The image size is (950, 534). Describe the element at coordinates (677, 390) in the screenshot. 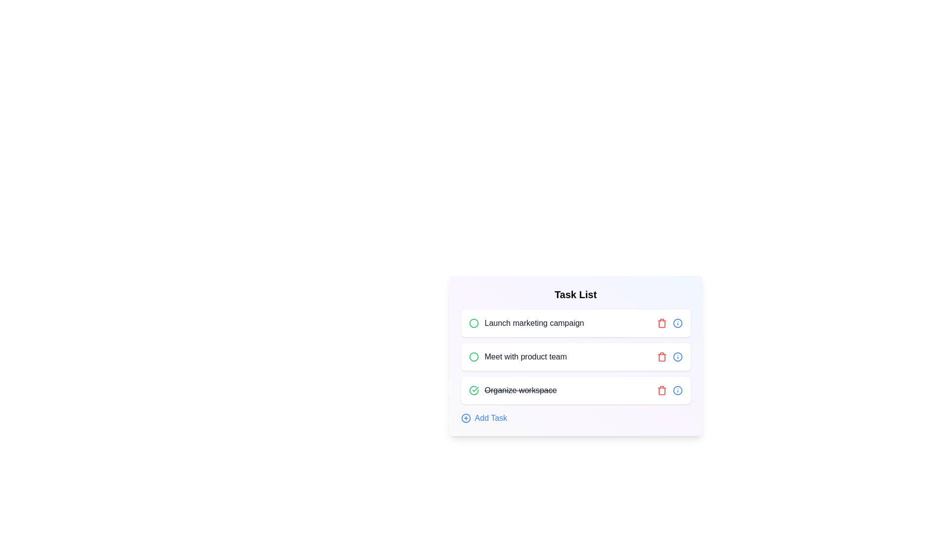

I see `the info button for the task named Organize workspace` at that location.